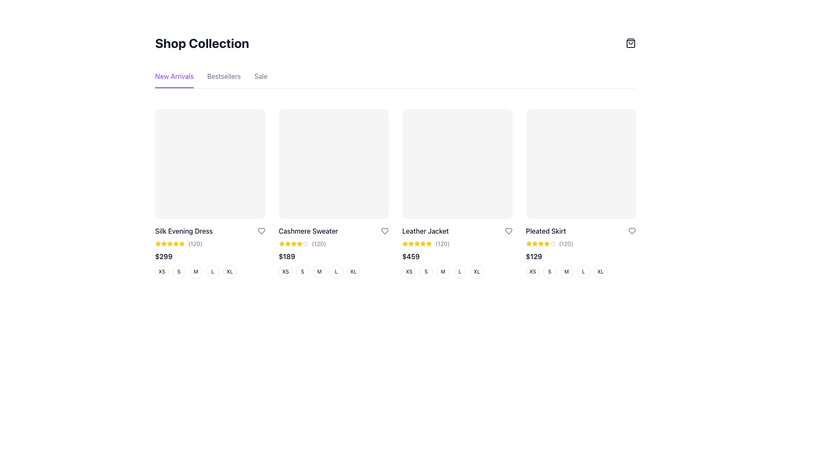 Image resolution: width=814 pixels, height=458 pixels. Describe the element at coordinates (404, 243) in the screenshot. I see `the fourth yellow star icon in the rating system below the 'Leather Jacket' product image to set a rating` at that location.